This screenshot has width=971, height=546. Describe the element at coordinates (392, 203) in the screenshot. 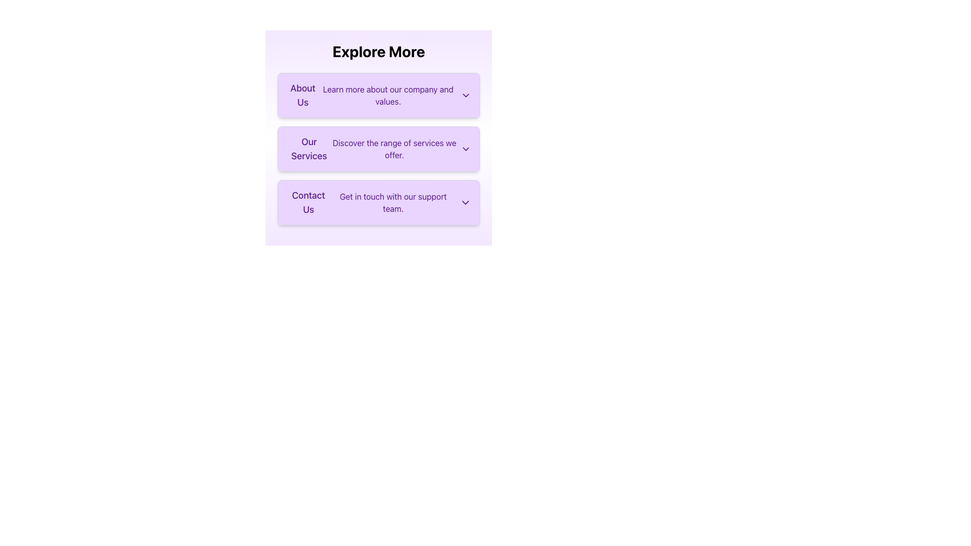

I see `the text component containing the phrase 'Get in touch with our support team.' which is styled with a purple font and located within the 'Contact Us' section` at that location.